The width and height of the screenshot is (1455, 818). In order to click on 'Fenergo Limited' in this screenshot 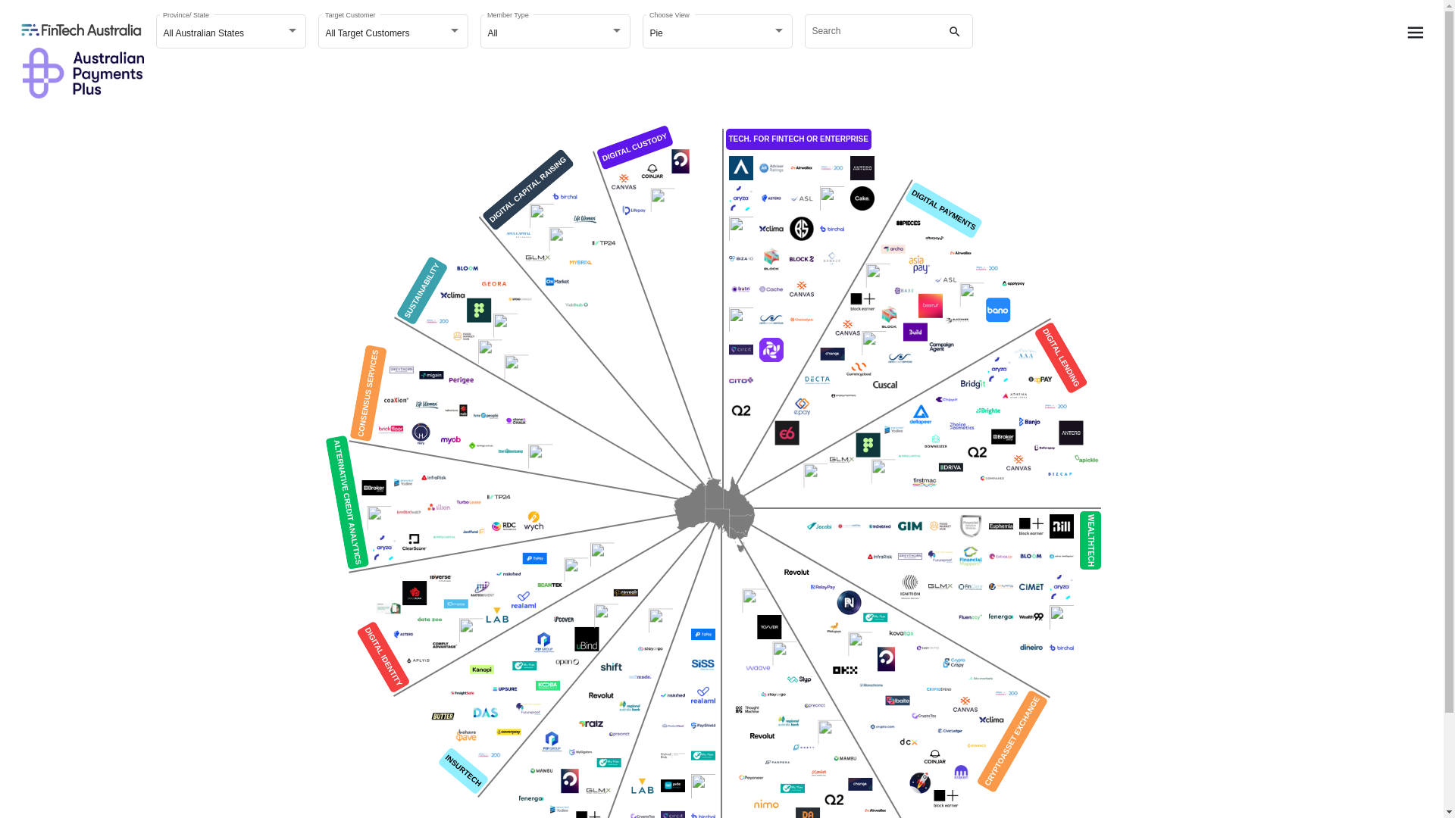, I will do `click(530, 798)`.